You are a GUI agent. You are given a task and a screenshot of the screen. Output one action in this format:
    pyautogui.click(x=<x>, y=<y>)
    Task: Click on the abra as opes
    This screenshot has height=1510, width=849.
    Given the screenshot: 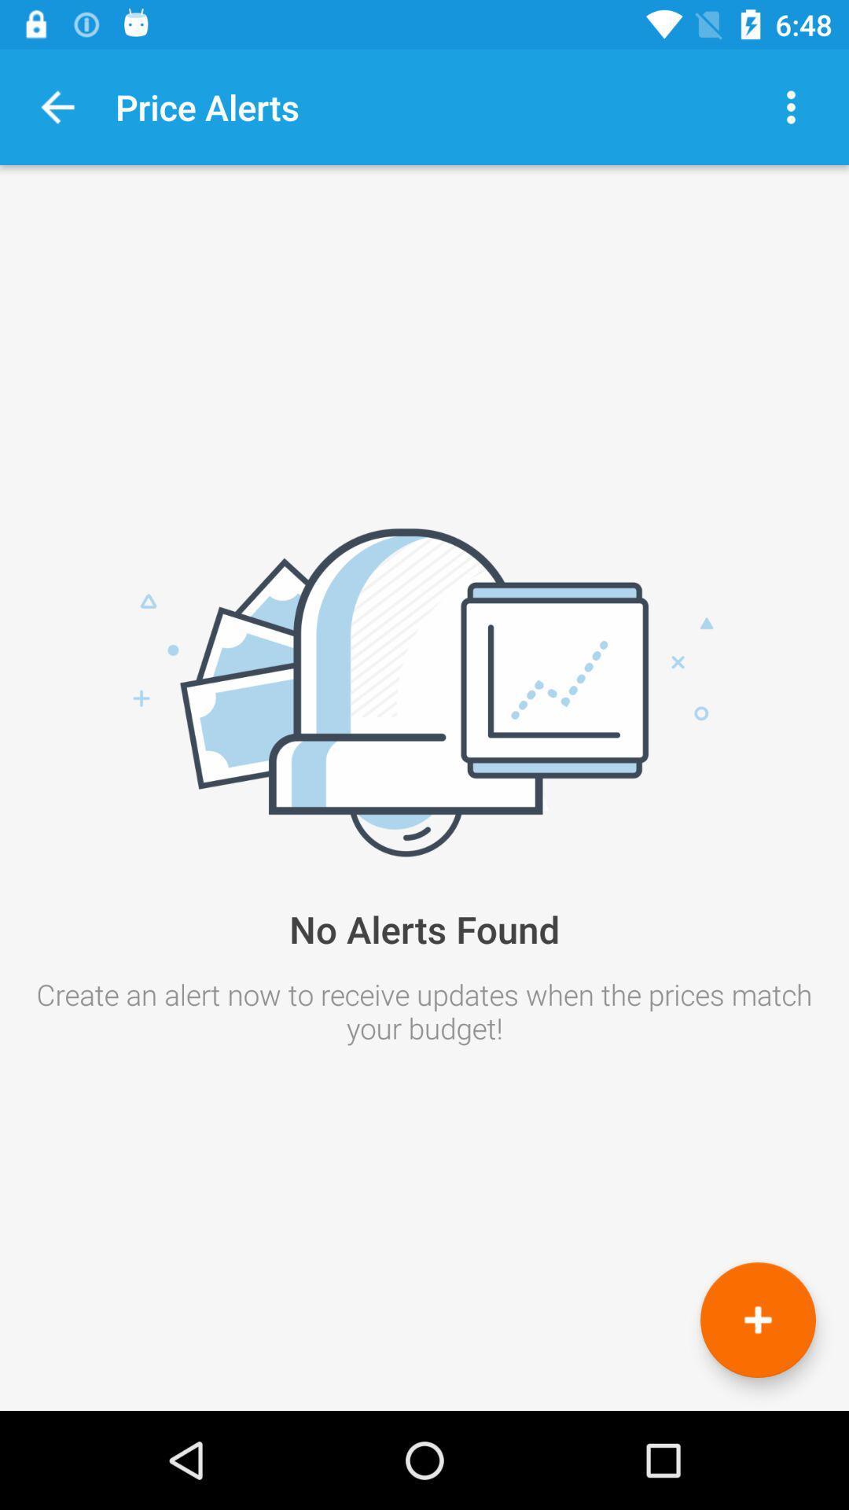 What is the action you would take?
    pyautogui.click(x=791, y=106)
    